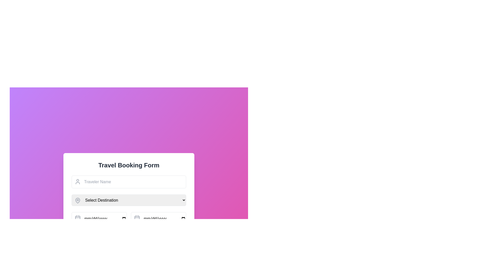 This screenshot has width=491, height=276. What do you see at coordinates (158, 218) in the screenshot?
I see `the Date picker input field for selecting an end date in the travel booking form` at bounding box center [158, 218].